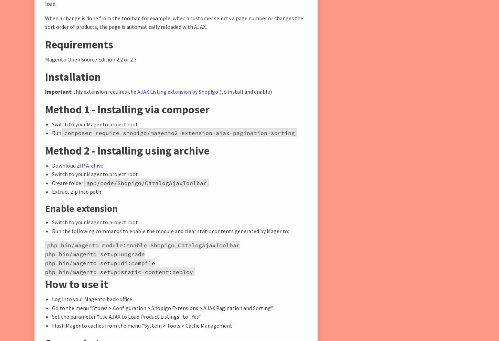 The height and width of the screenshot is (341, 499). I want to click on 'Enable extension', so click(81, 208).